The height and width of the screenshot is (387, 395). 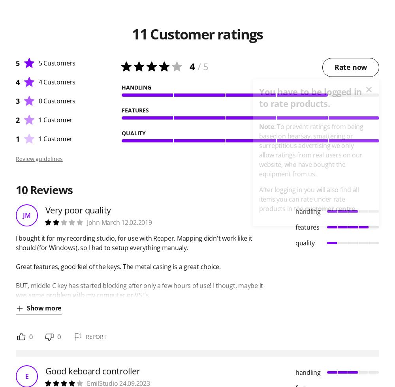 What do you see at coordinates (26, 215) in the screenshot?
I see `'JM'` at bounding box center [26, 215].